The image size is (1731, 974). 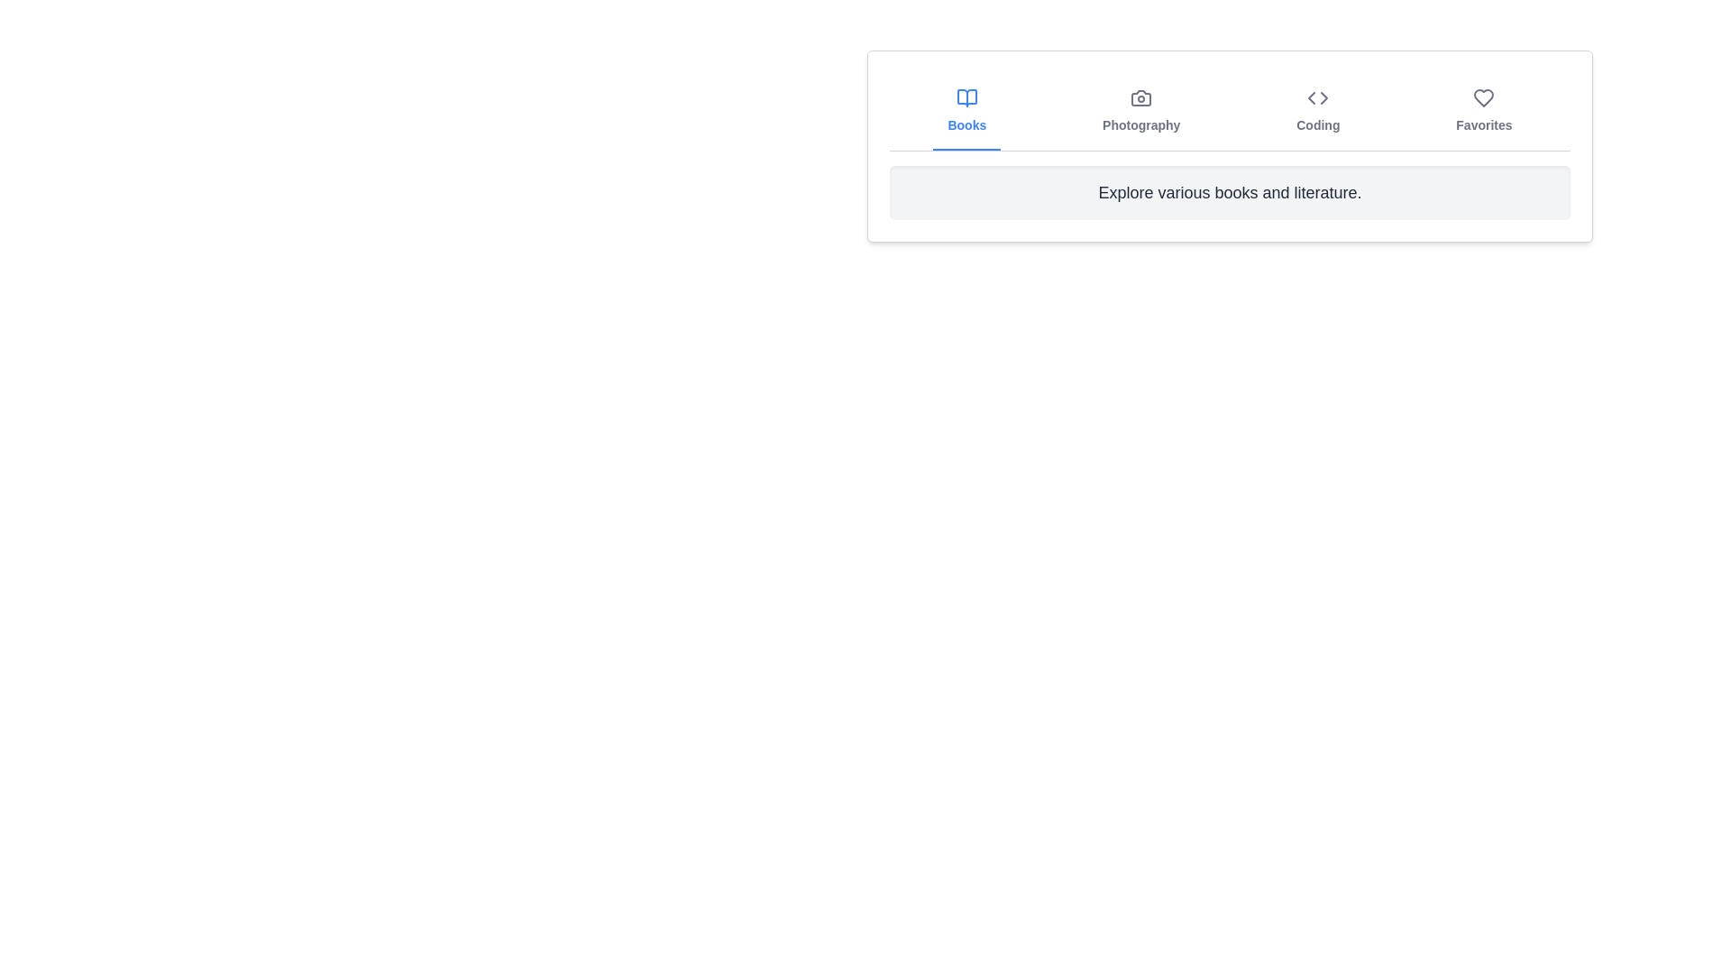 What do you see at coordinates (1484, 111) in the screenshot?
I see `the 'Favorites' navigation button located at the far-right side of the button set in the header component` at bounding box center [1484, 111].